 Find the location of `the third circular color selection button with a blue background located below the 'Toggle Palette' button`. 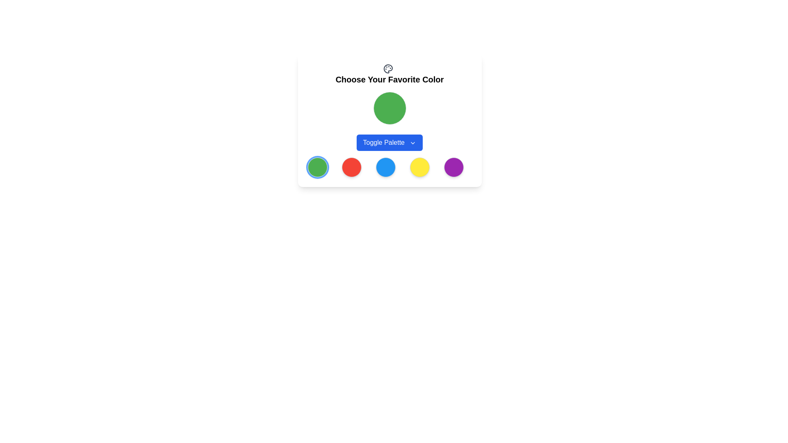

the third circular color selection button with a blue background located below the 'Toggle Palette' button is located at coordinates (385, 167).